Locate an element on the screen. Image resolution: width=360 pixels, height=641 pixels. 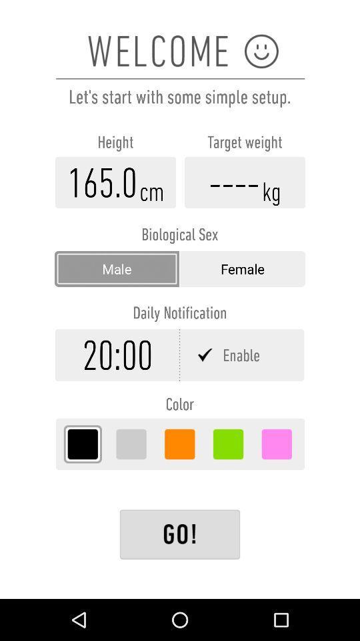
color is located at coordinates (179, 444).